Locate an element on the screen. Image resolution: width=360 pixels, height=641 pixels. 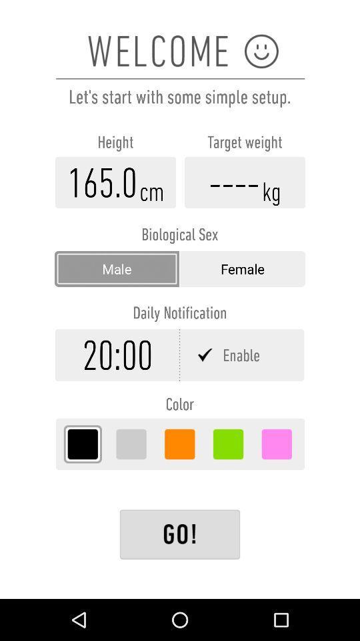
color is located at coordinates (179, 444).